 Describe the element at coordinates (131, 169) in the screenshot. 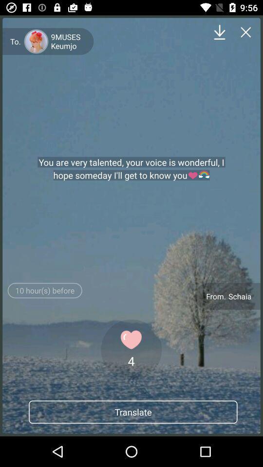

I see `you are very item` at that location.